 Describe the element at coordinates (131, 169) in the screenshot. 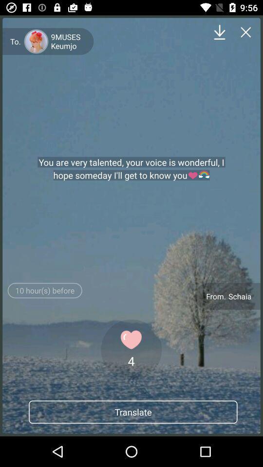

I see `you are very item` at that location.